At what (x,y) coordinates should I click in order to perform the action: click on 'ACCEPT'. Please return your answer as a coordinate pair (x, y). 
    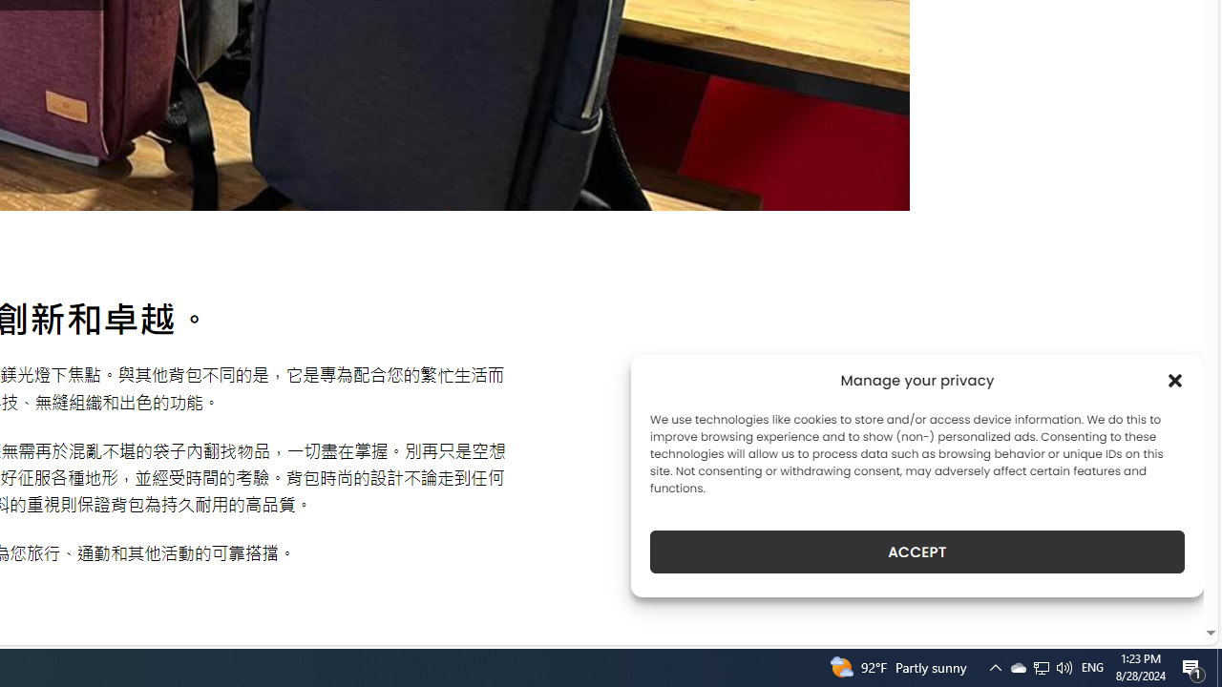
    Looking at the image, I should click on (917, 552).